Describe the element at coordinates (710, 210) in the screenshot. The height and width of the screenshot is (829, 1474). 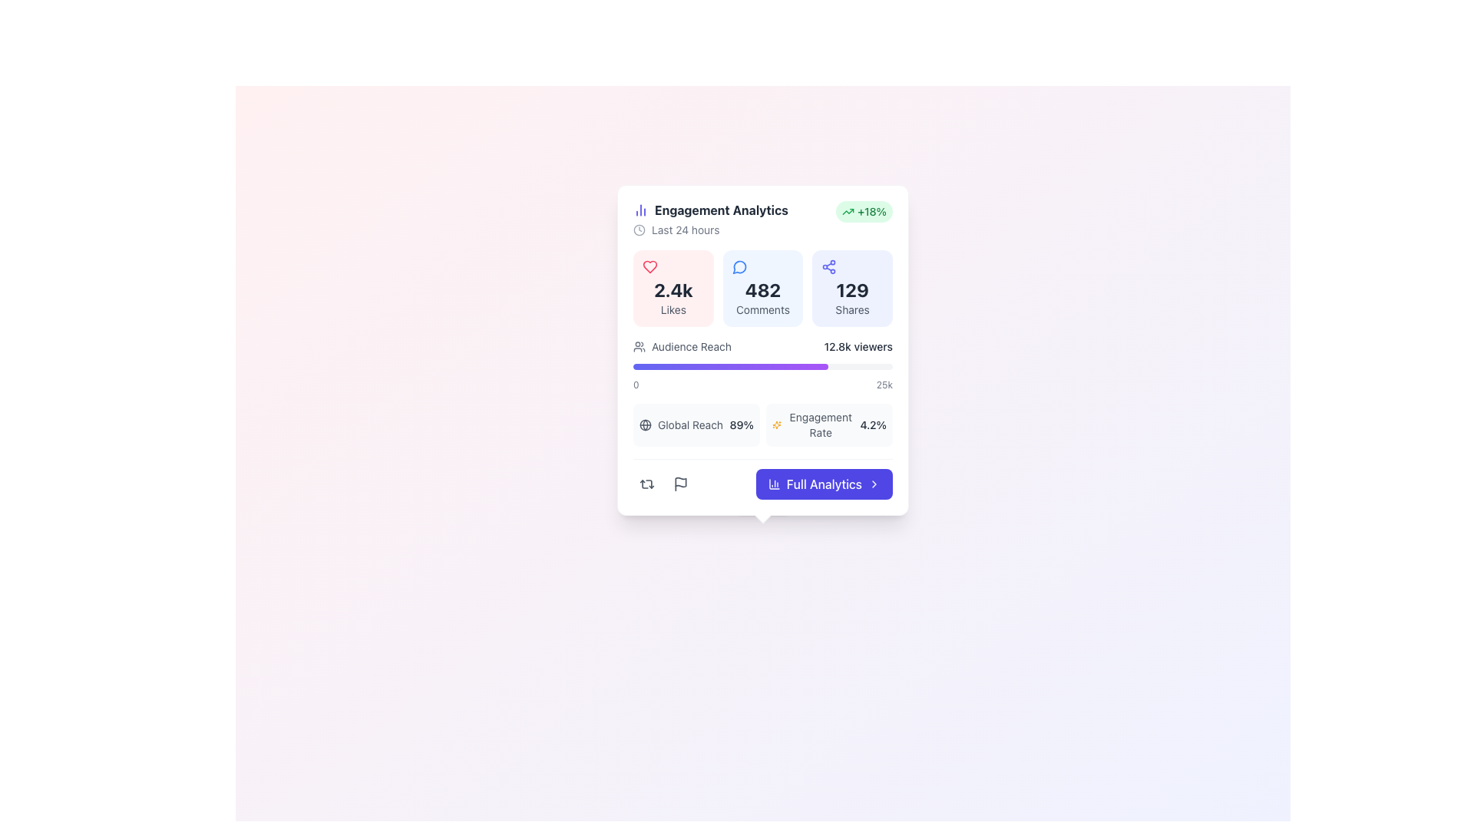
I see `the Label with Icon located at the top-left corner of the analytics card, indicating the content related to analytics data` at that location.